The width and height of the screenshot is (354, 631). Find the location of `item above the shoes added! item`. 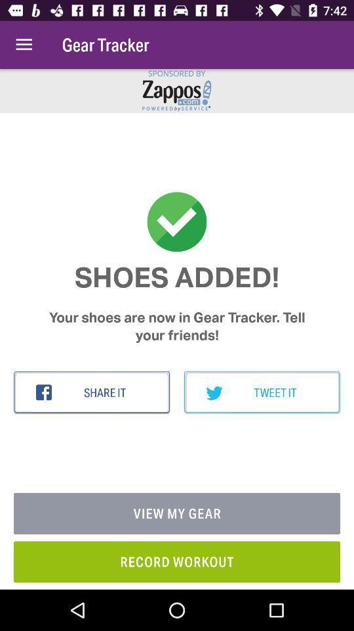

item above the shoes added! item is located at coordinates (24, 45).